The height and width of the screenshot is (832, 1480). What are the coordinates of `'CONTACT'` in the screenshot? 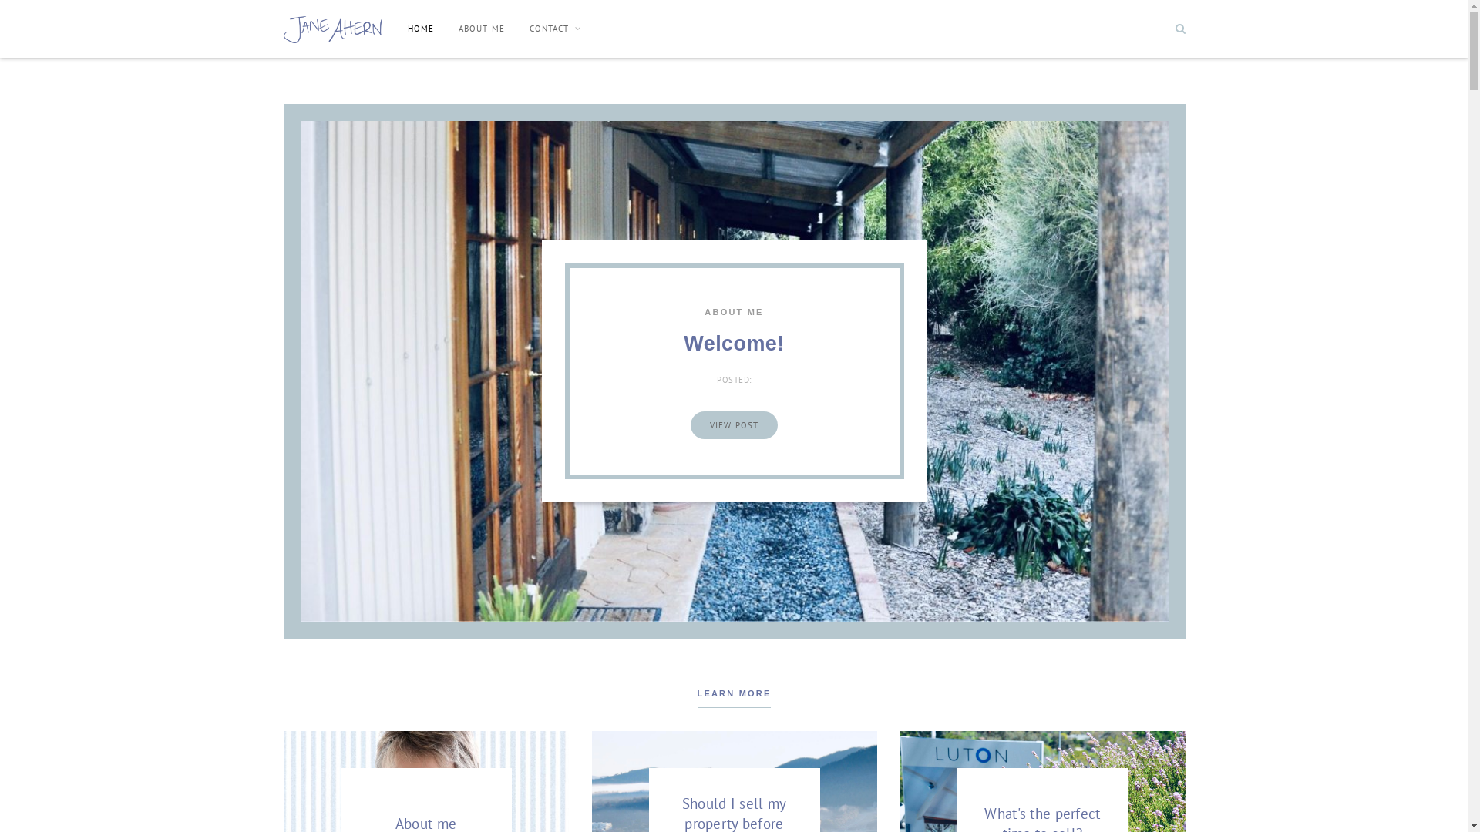 It's located at (555, 29).